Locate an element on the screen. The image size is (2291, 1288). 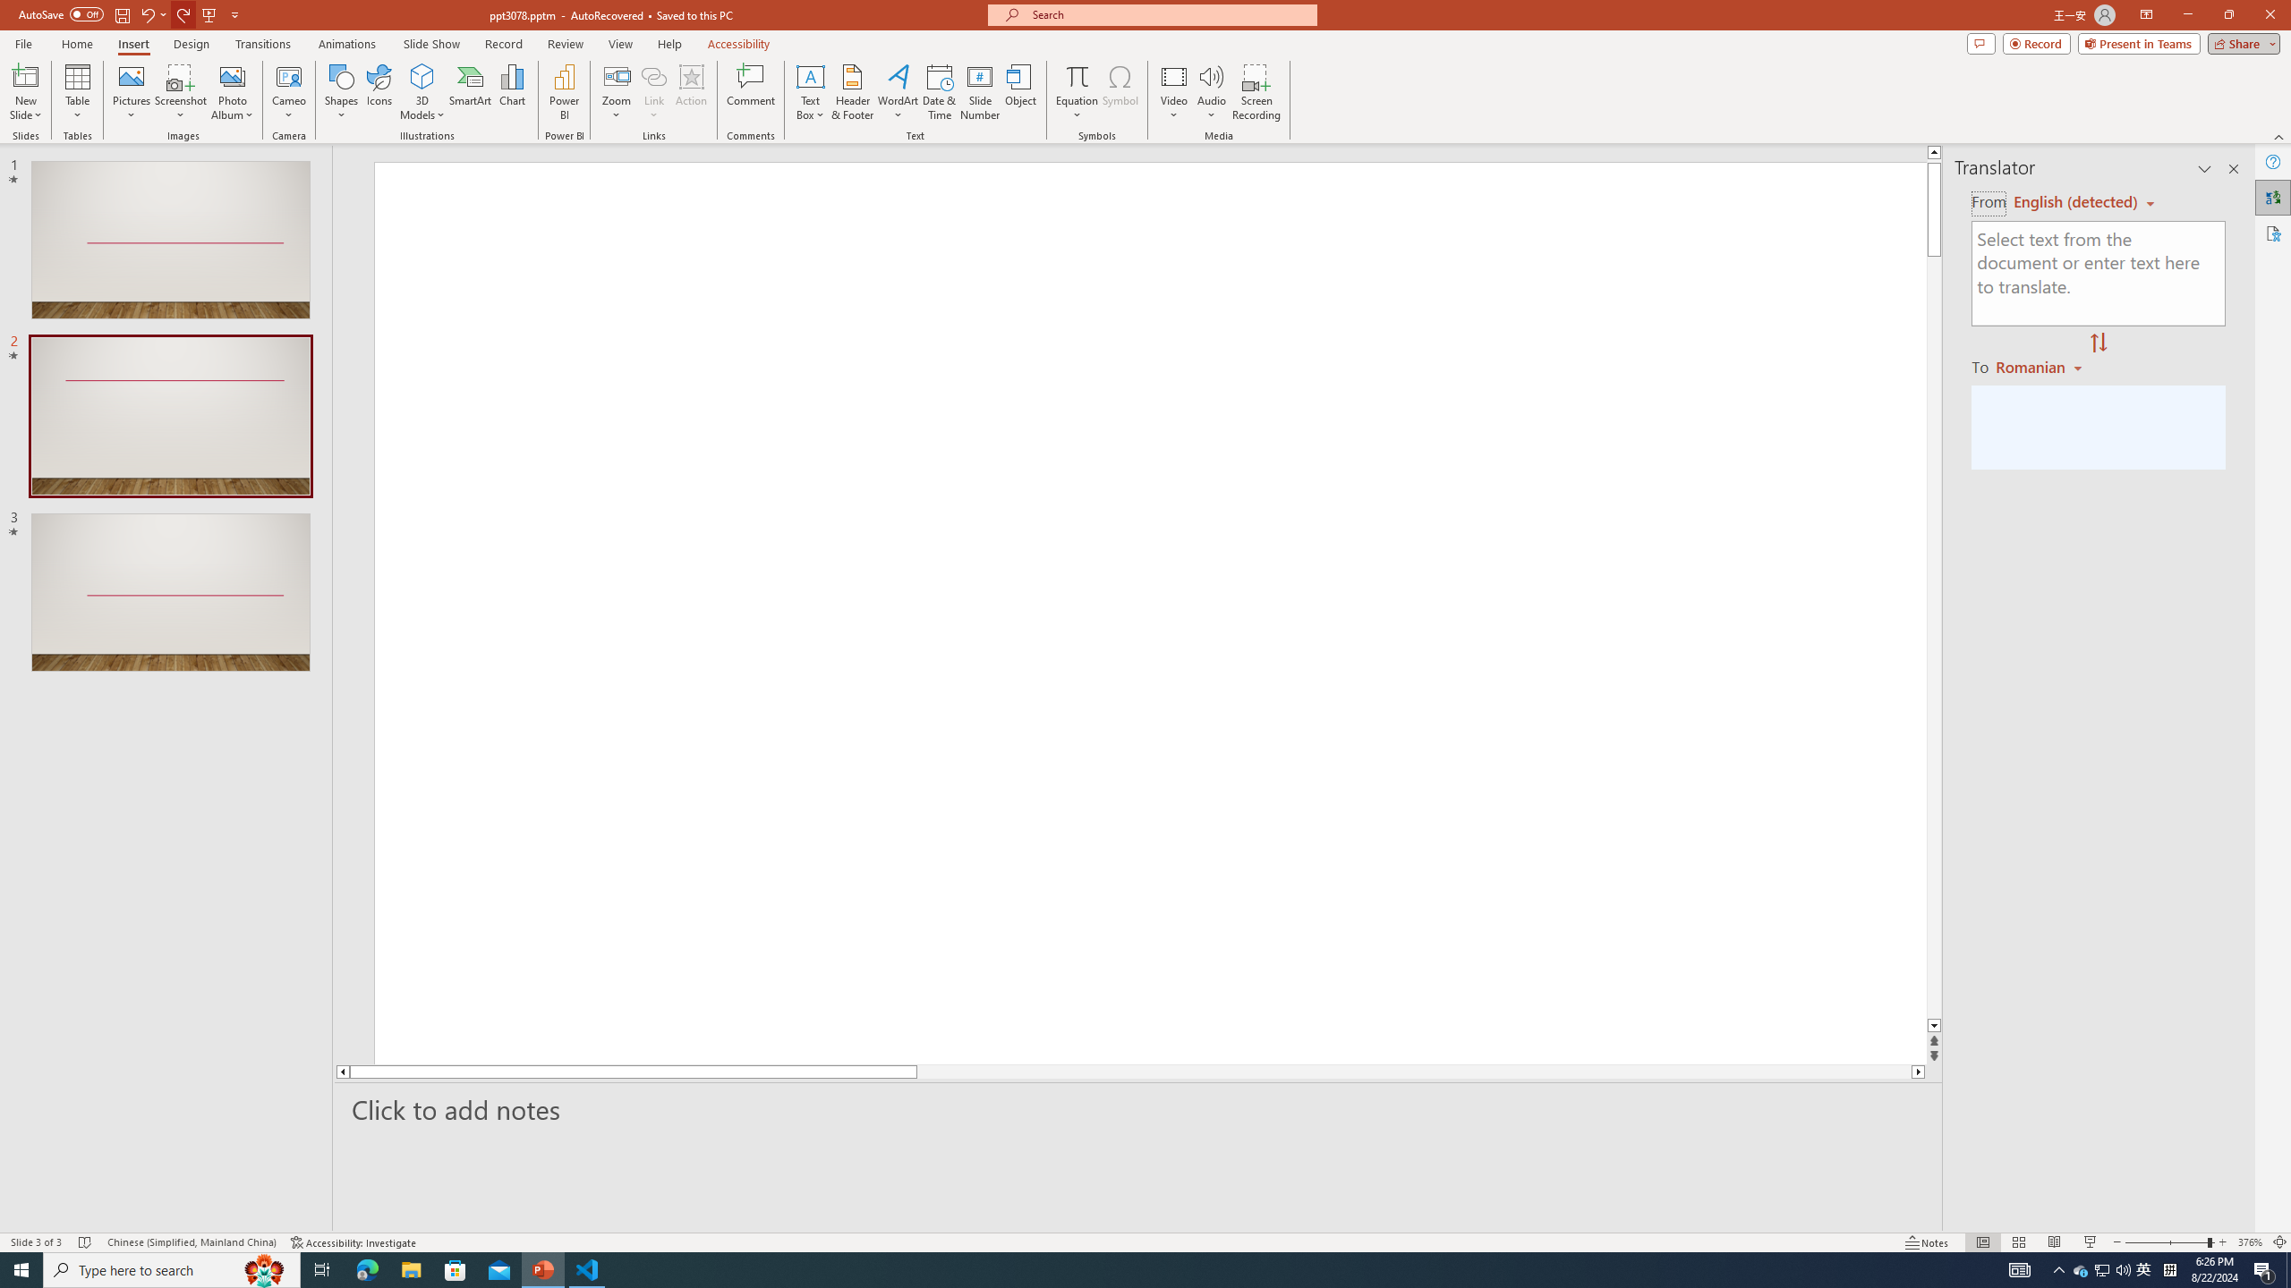
'Zoom 376%' is located at coordinates (2251, 1242).